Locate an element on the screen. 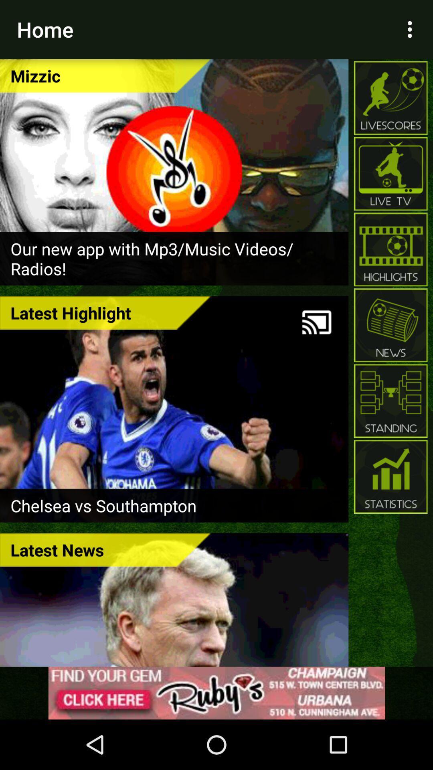 The width and height of the screenshot is (433, 770). latest news icon is located at coordinates (105, 549).